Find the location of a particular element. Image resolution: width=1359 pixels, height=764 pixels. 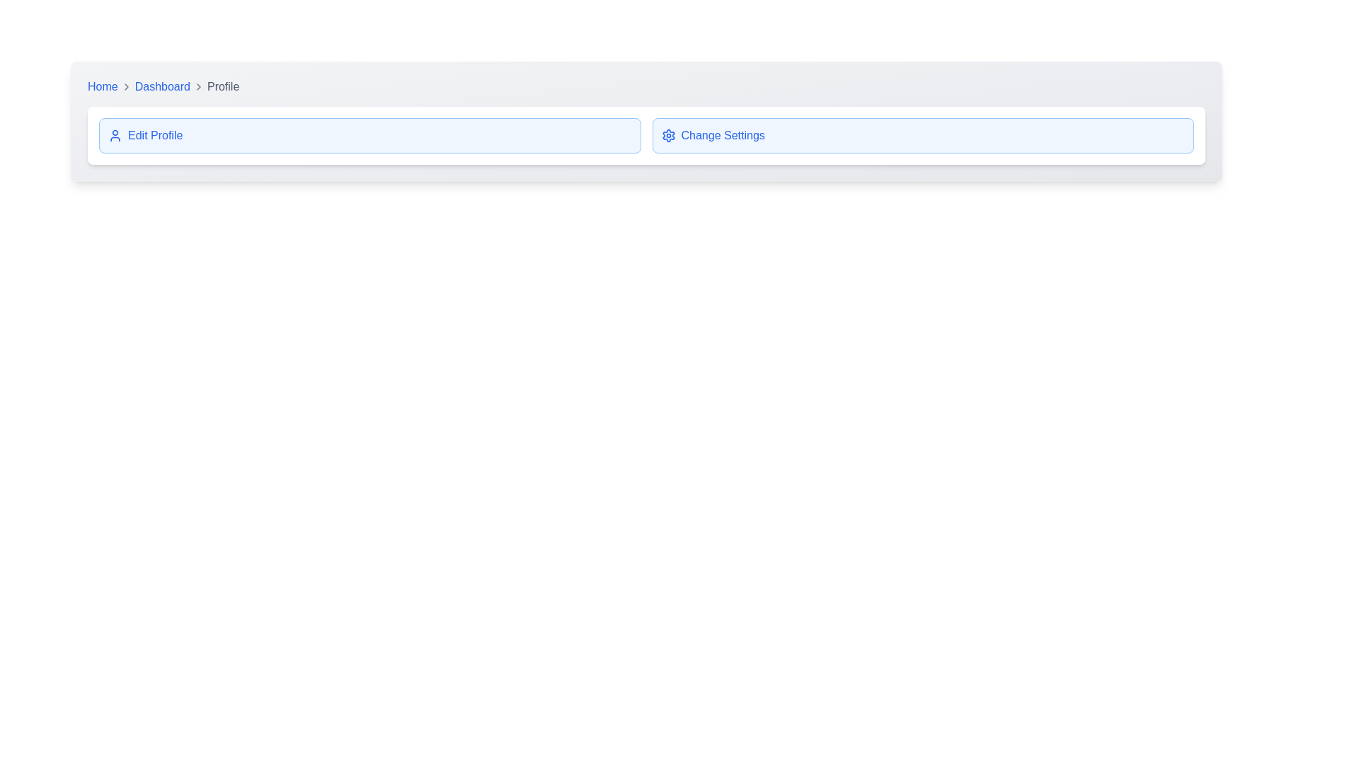

the first link in the breadcrumb navigation bar is located at coordinates (102, 87).